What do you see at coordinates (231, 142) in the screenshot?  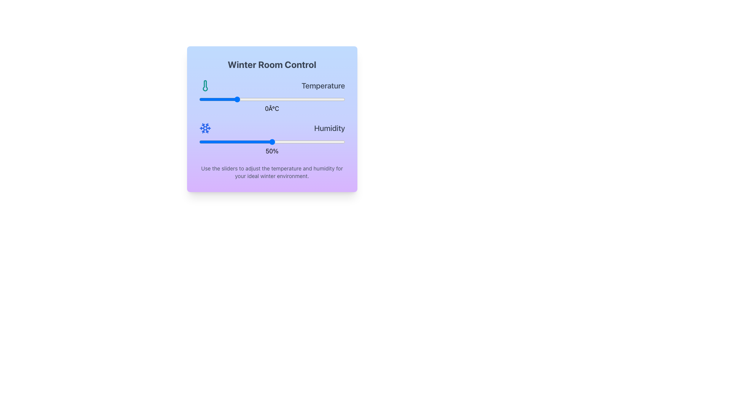 I see `humidity level` at bounding box center [231, 142].